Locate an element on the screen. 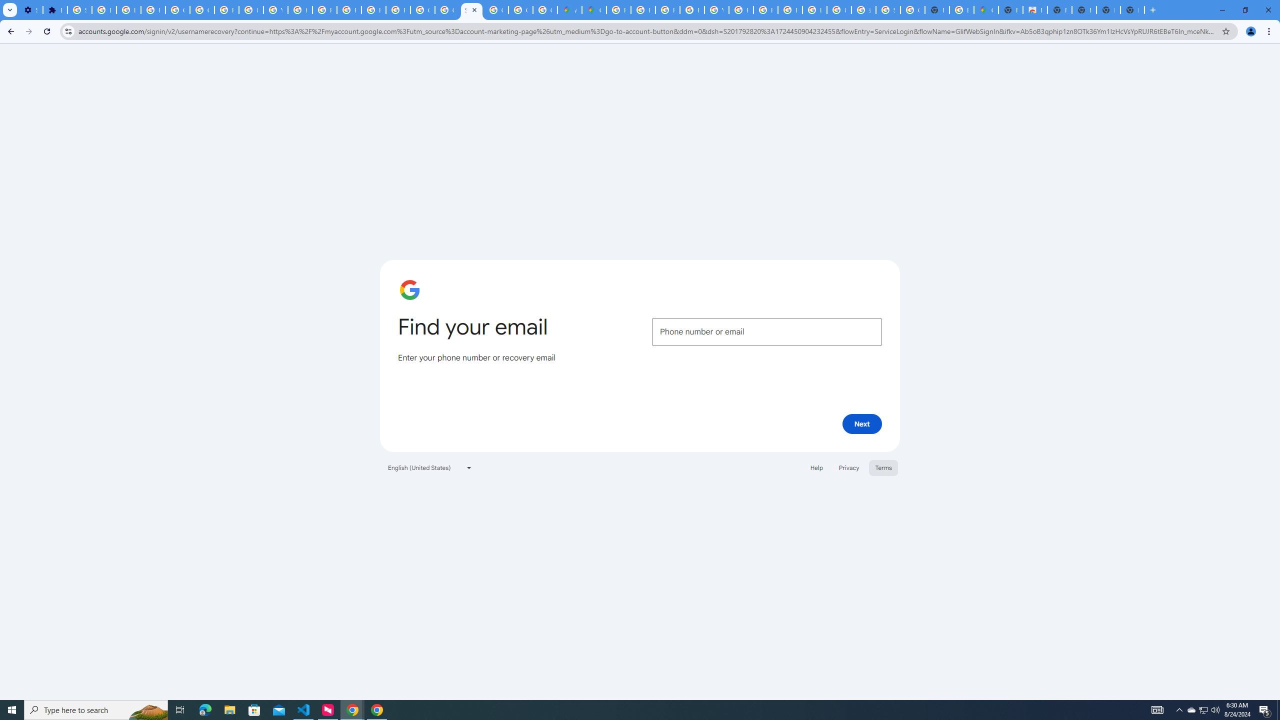  'Phone number or email' is located at coordinates (766, 331).